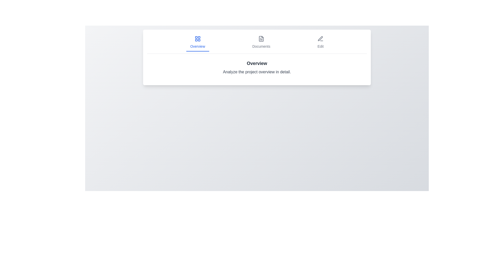 This screenshot has width=488, height=274. What do you see at coordinates (261, 42) in the screenshot?
I see `the Documents tab by clicking on it` at bounding box center [261, 42].